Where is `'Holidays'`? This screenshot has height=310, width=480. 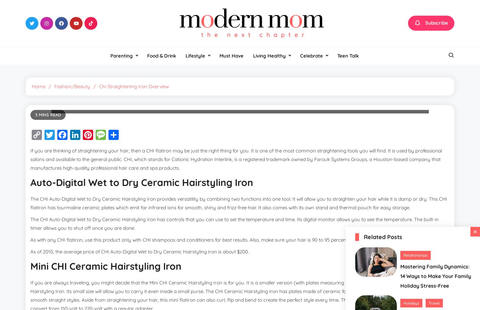 'Holidays' is located at coordinates (411, 302).